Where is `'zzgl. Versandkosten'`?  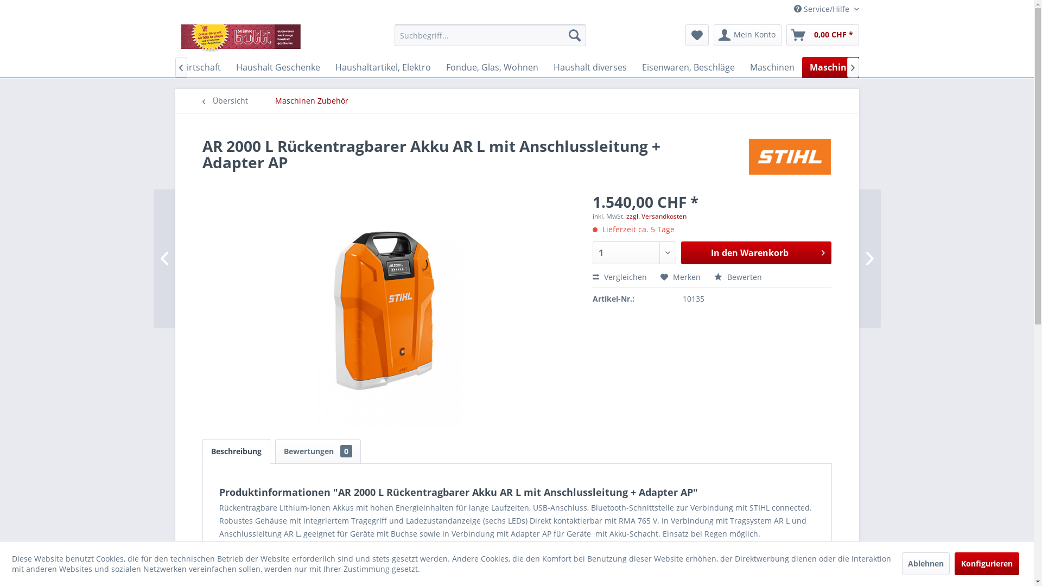 'zzgl. Versandkosten' is located at coordinates (656, 216).